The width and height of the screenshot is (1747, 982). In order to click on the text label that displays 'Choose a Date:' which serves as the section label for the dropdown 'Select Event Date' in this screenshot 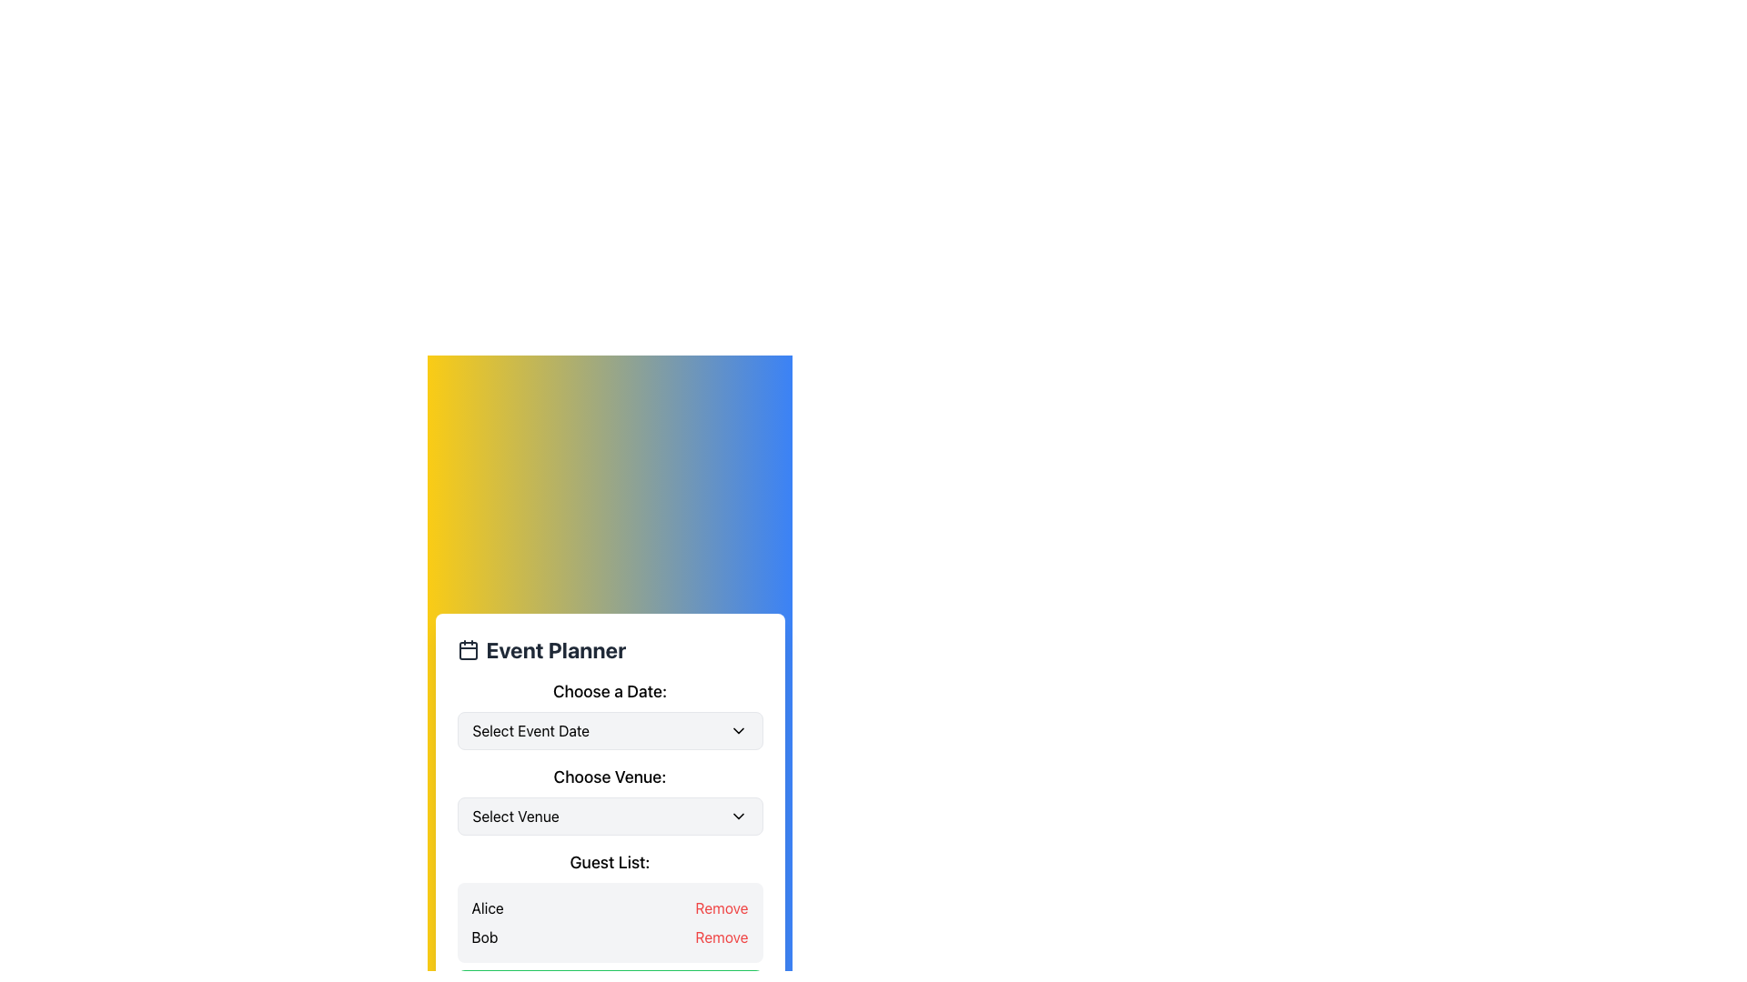, I will do `click(610, 691)`.